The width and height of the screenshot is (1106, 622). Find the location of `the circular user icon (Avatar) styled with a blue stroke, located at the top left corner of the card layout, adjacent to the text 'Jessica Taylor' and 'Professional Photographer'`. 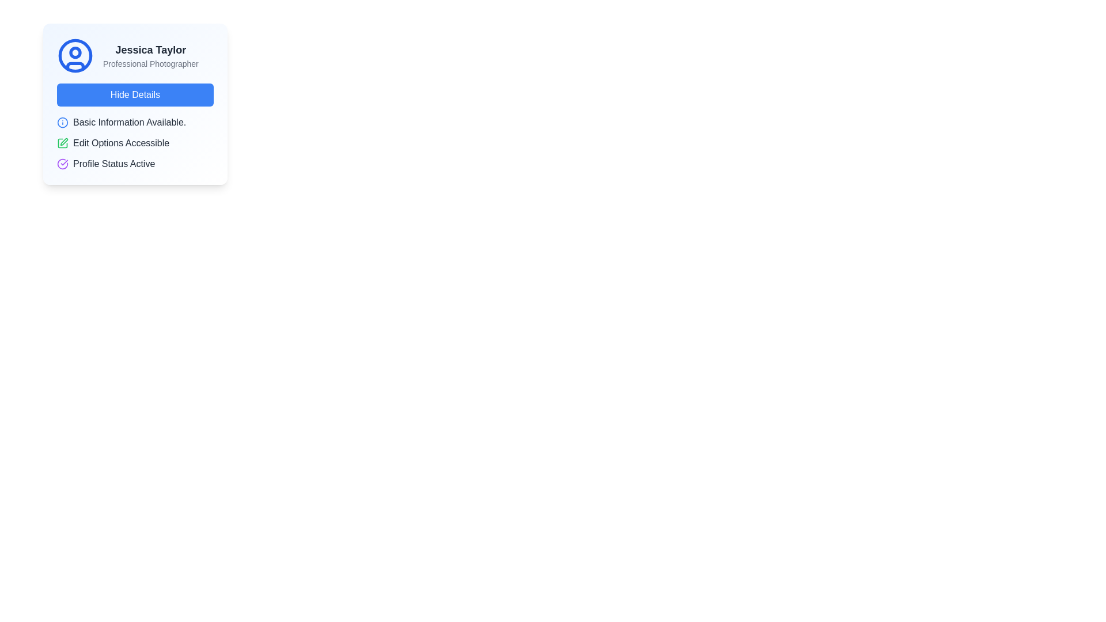

the circular user icon (Avatar) styled with a blue stroke, located at the top left corner of the card layout, adjacent to the text 'Jessica Taylor' and 'Professional Photographer' is located at coordinates (74, 55).